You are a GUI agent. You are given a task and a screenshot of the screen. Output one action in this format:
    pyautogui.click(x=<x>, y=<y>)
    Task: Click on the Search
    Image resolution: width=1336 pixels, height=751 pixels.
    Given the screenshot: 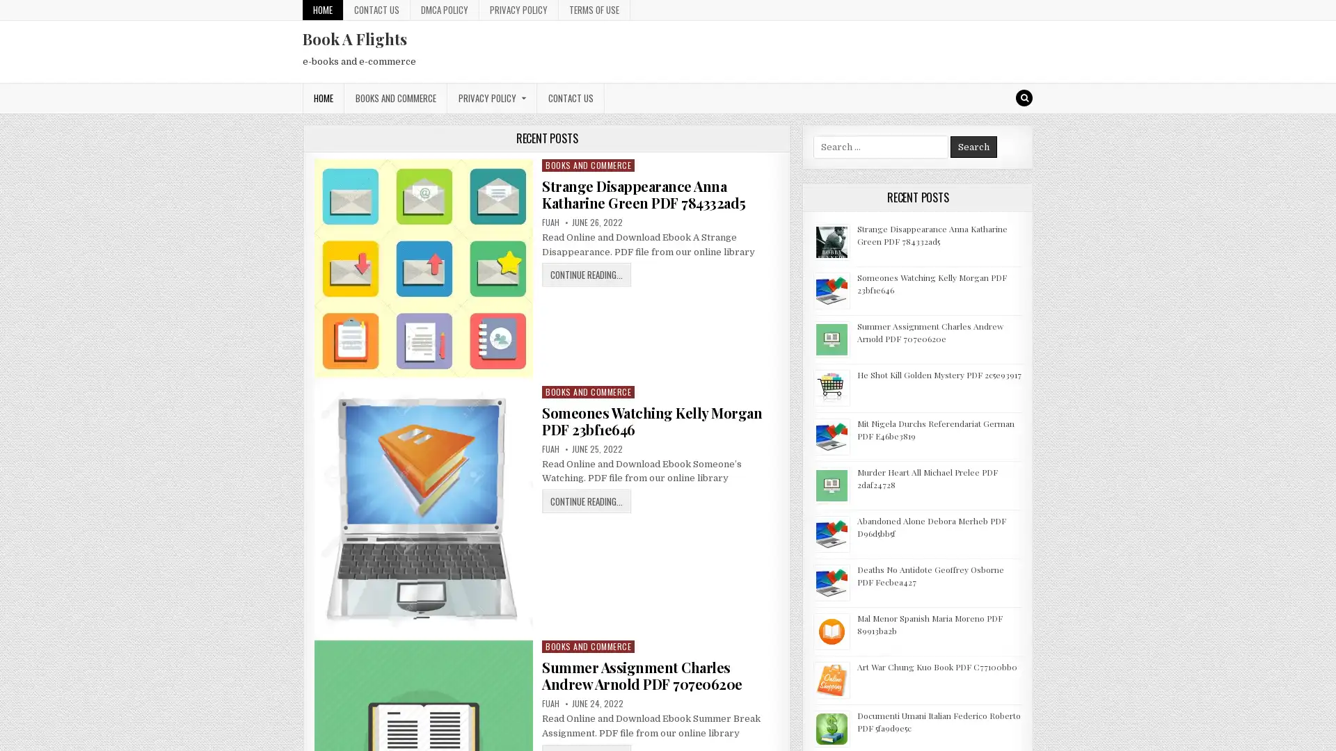 What is the action you would take?
    pyautogui.click(x=973, y=147)
    